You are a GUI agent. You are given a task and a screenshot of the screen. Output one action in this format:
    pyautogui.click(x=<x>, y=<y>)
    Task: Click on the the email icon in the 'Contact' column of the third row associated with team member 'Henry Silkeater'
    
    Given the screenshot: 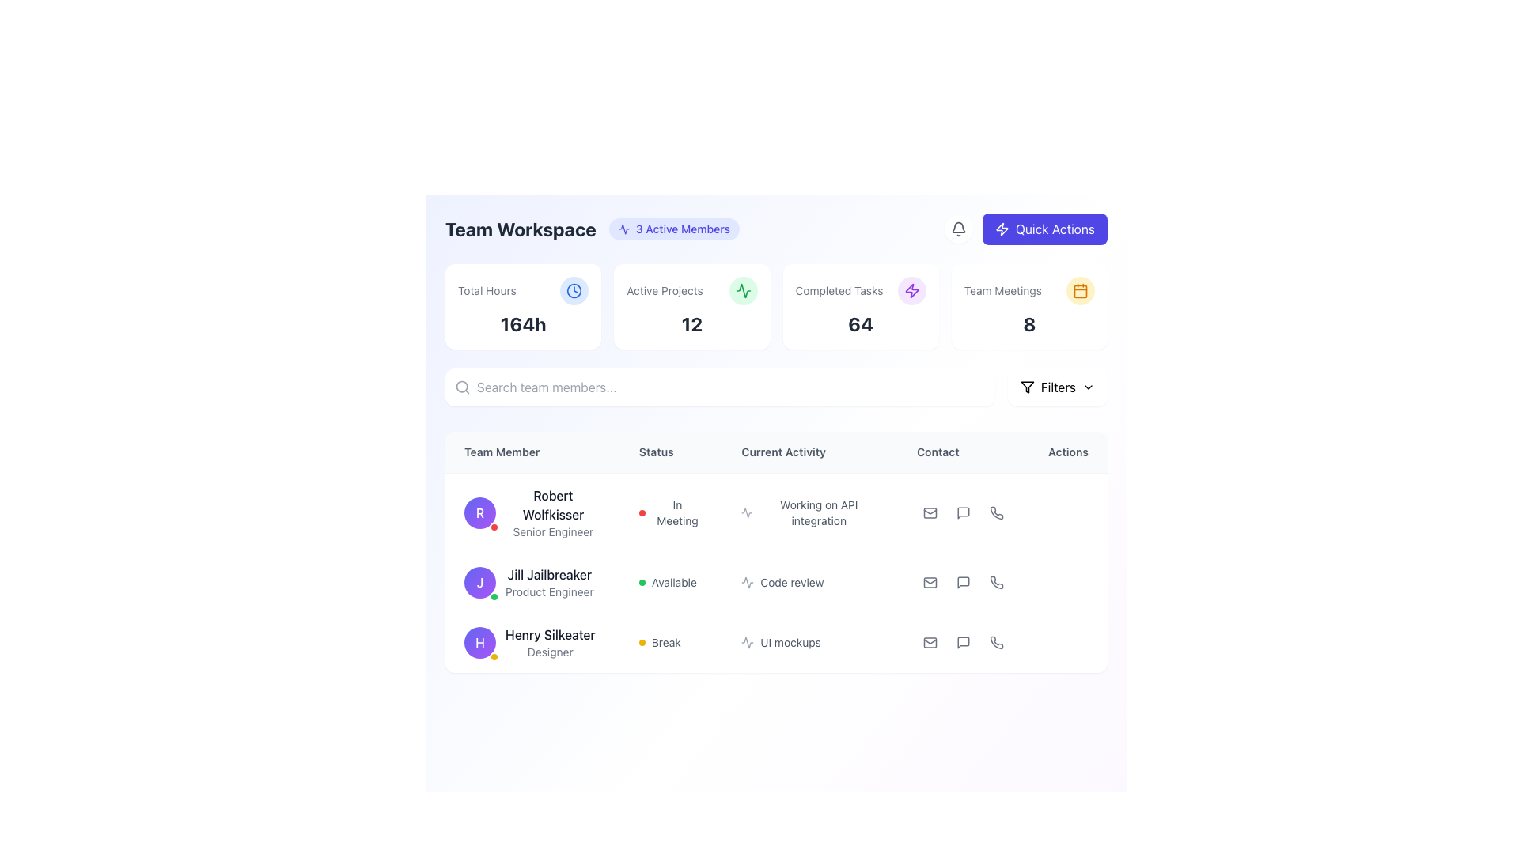 What is the action you would take?
    pyautogui.click(x=930, y=643)
    